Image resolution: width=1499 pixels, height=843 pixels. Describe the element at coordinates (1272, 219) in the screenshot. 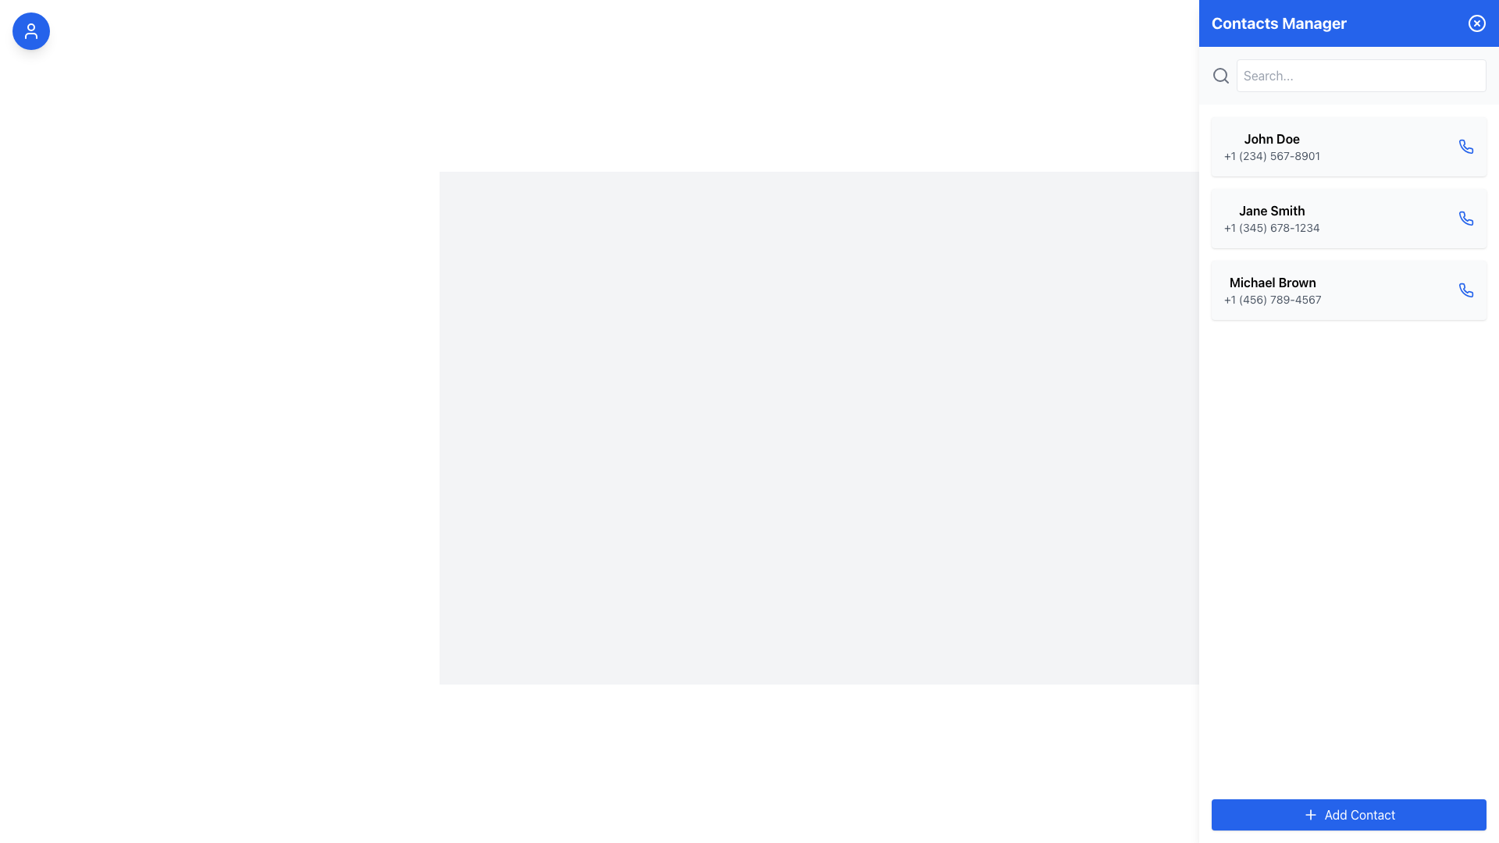

I see `the text display element that shows the contact details of Jane Smith, located in the second card from the top in the top-right corner of the interface` at that location.